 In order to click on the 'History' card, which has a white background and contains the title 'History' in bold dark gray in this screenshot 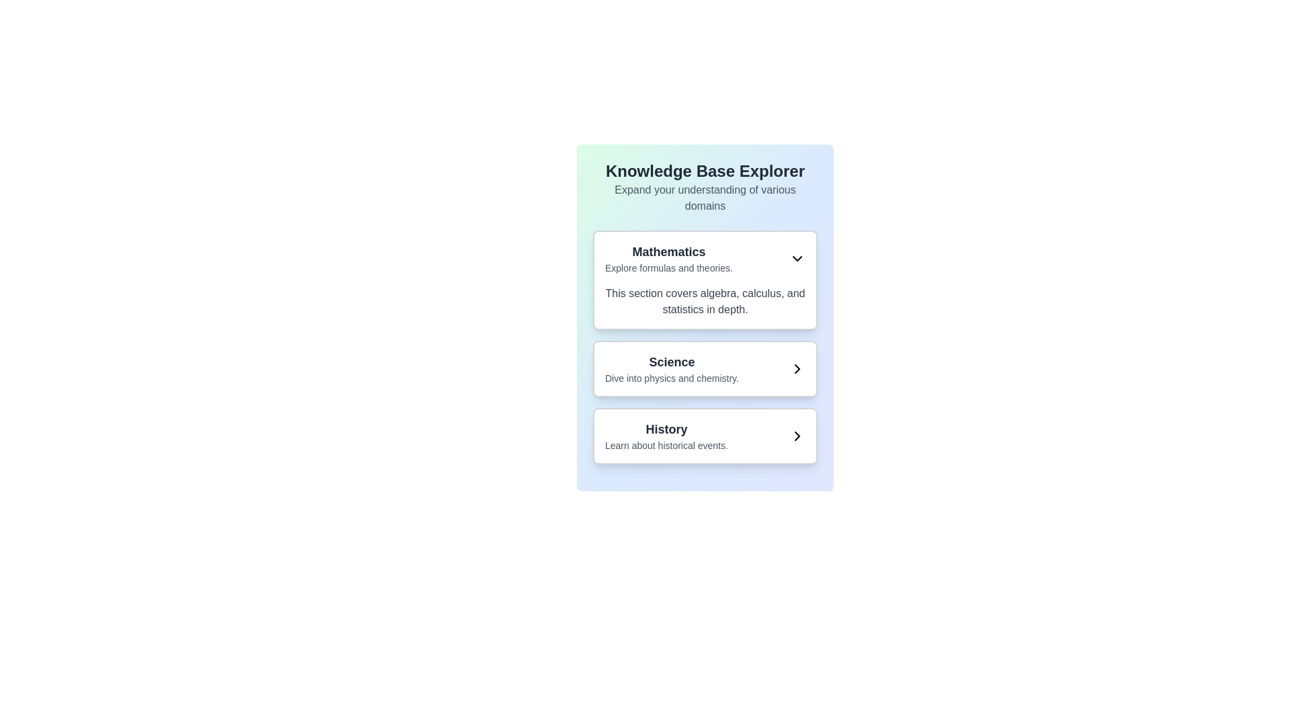, I will do `click(705, 436)`.